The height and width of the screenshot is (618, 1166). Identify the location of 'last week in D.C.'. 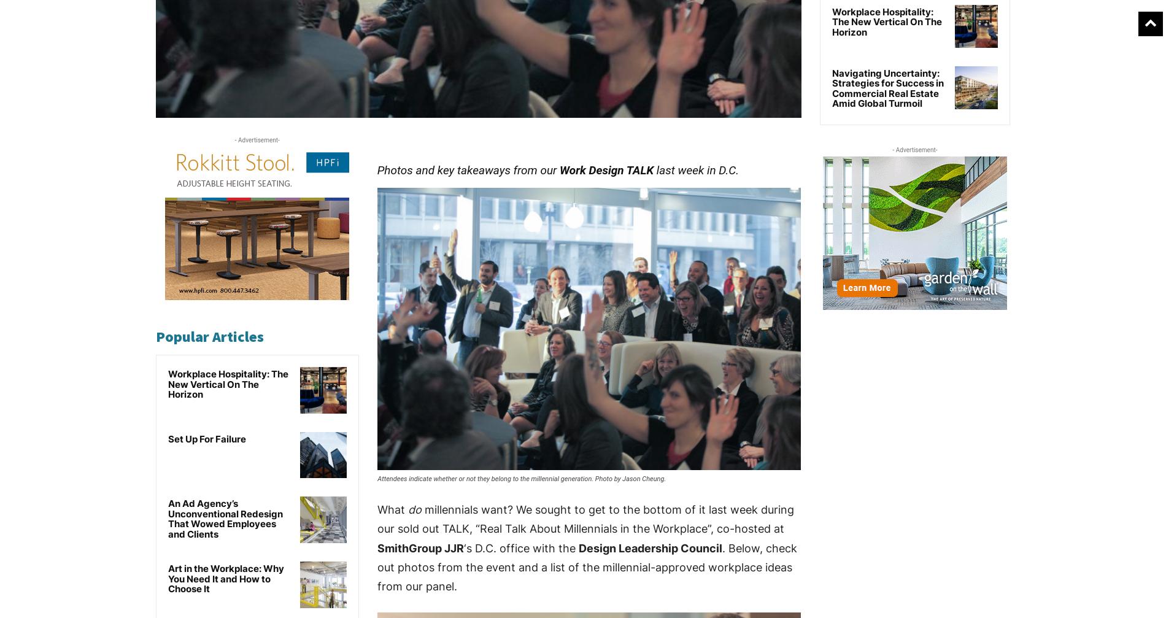
(696, 170).